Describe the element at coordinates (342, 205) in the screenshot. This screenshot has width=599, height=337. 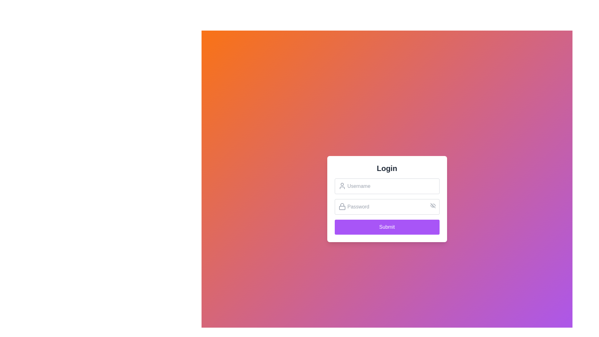
I see `the lock icon component indicating the password input field in the login form to enhance user understanding` at that location.